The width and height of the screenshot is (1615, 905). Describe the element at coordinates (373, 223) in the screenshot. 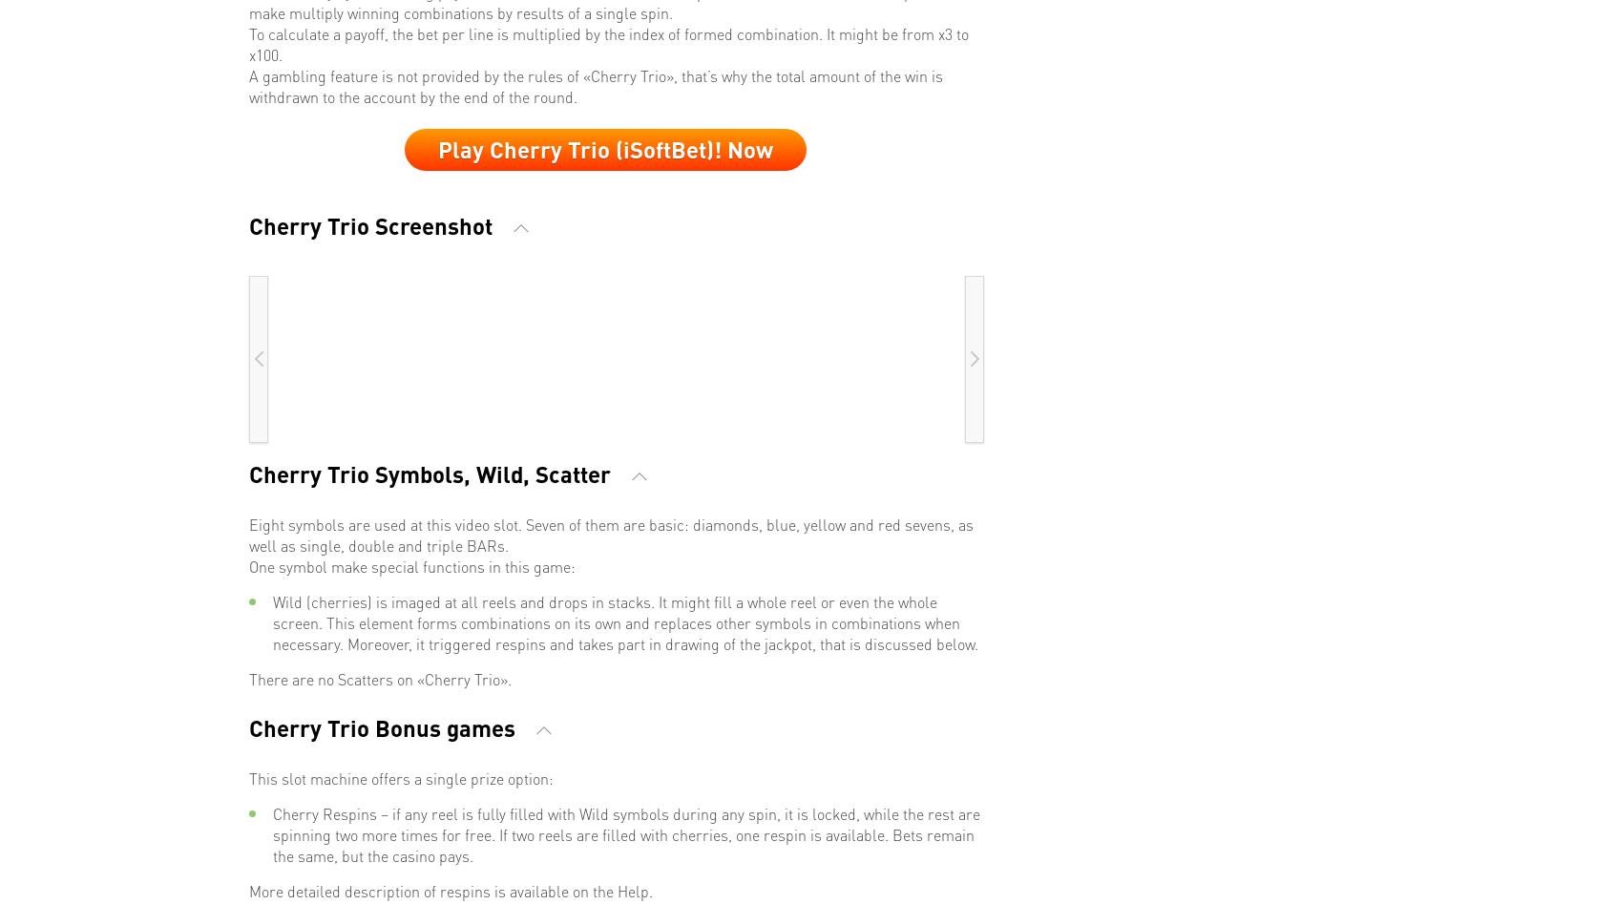

I see `'Cherry Trio Screenshot'` at that location.